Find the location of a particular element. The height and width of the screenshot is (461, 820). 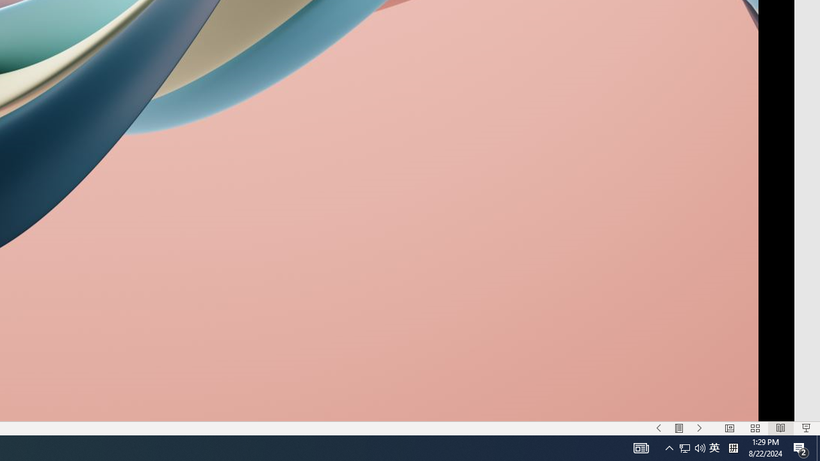

'Slide Show Previous On' is located at coordinates (659, 428).